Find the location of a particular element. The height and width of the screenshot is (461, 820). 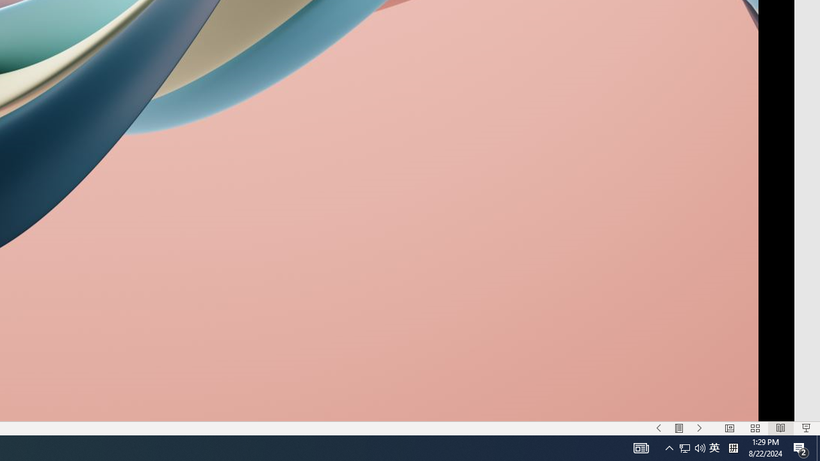

'Slide Show Previous On' is located at coordinates (659, 428).